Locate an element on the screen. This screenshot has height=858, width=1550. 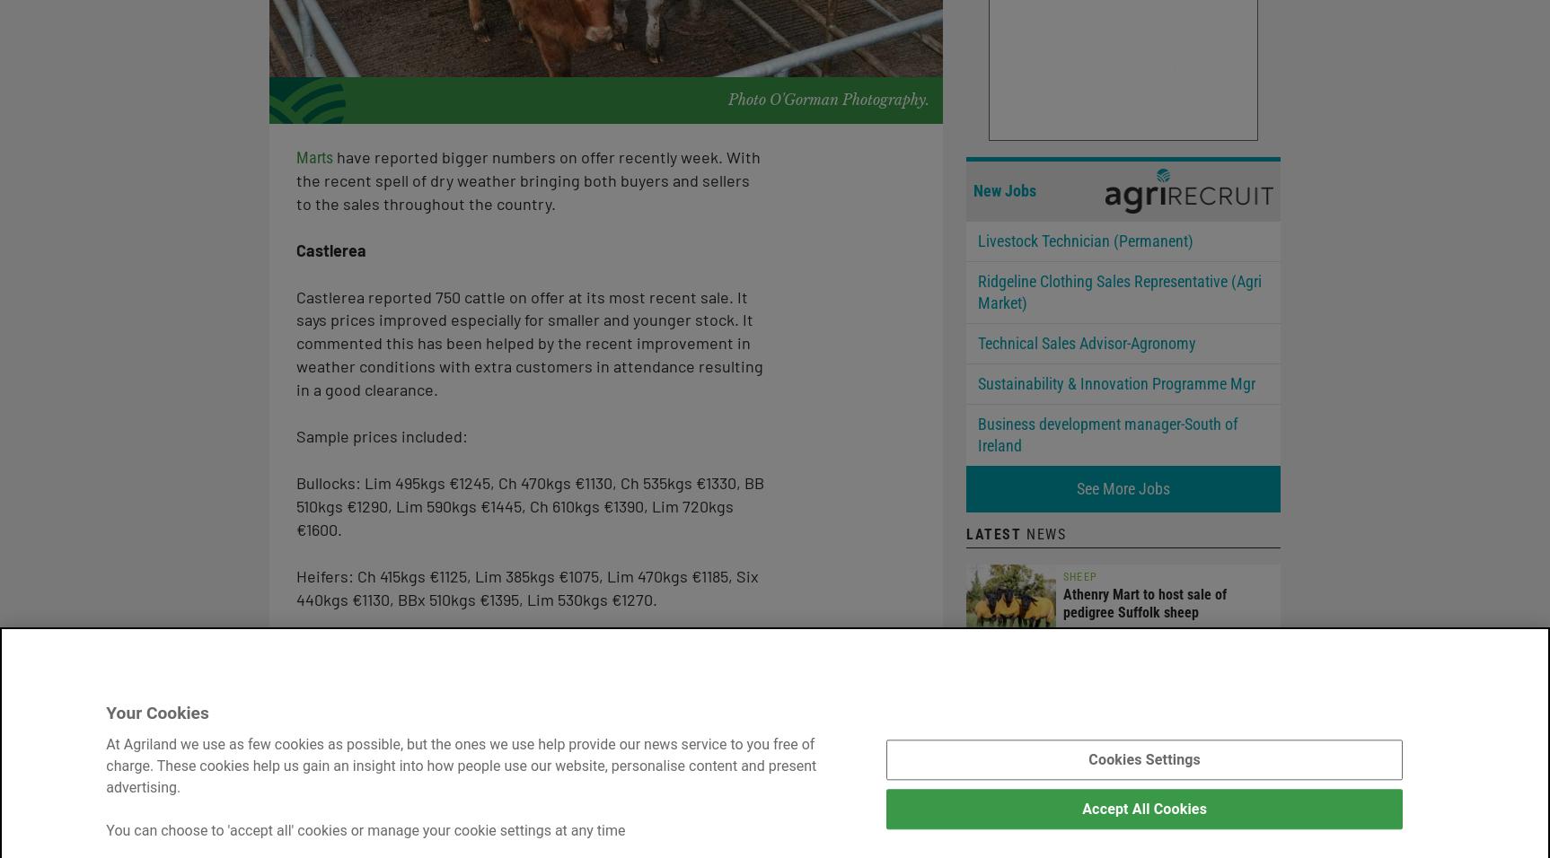
'Show and sale of ‘rare breed’ cattle event set for Stranorlar' is located at coordinates (1166, 798).